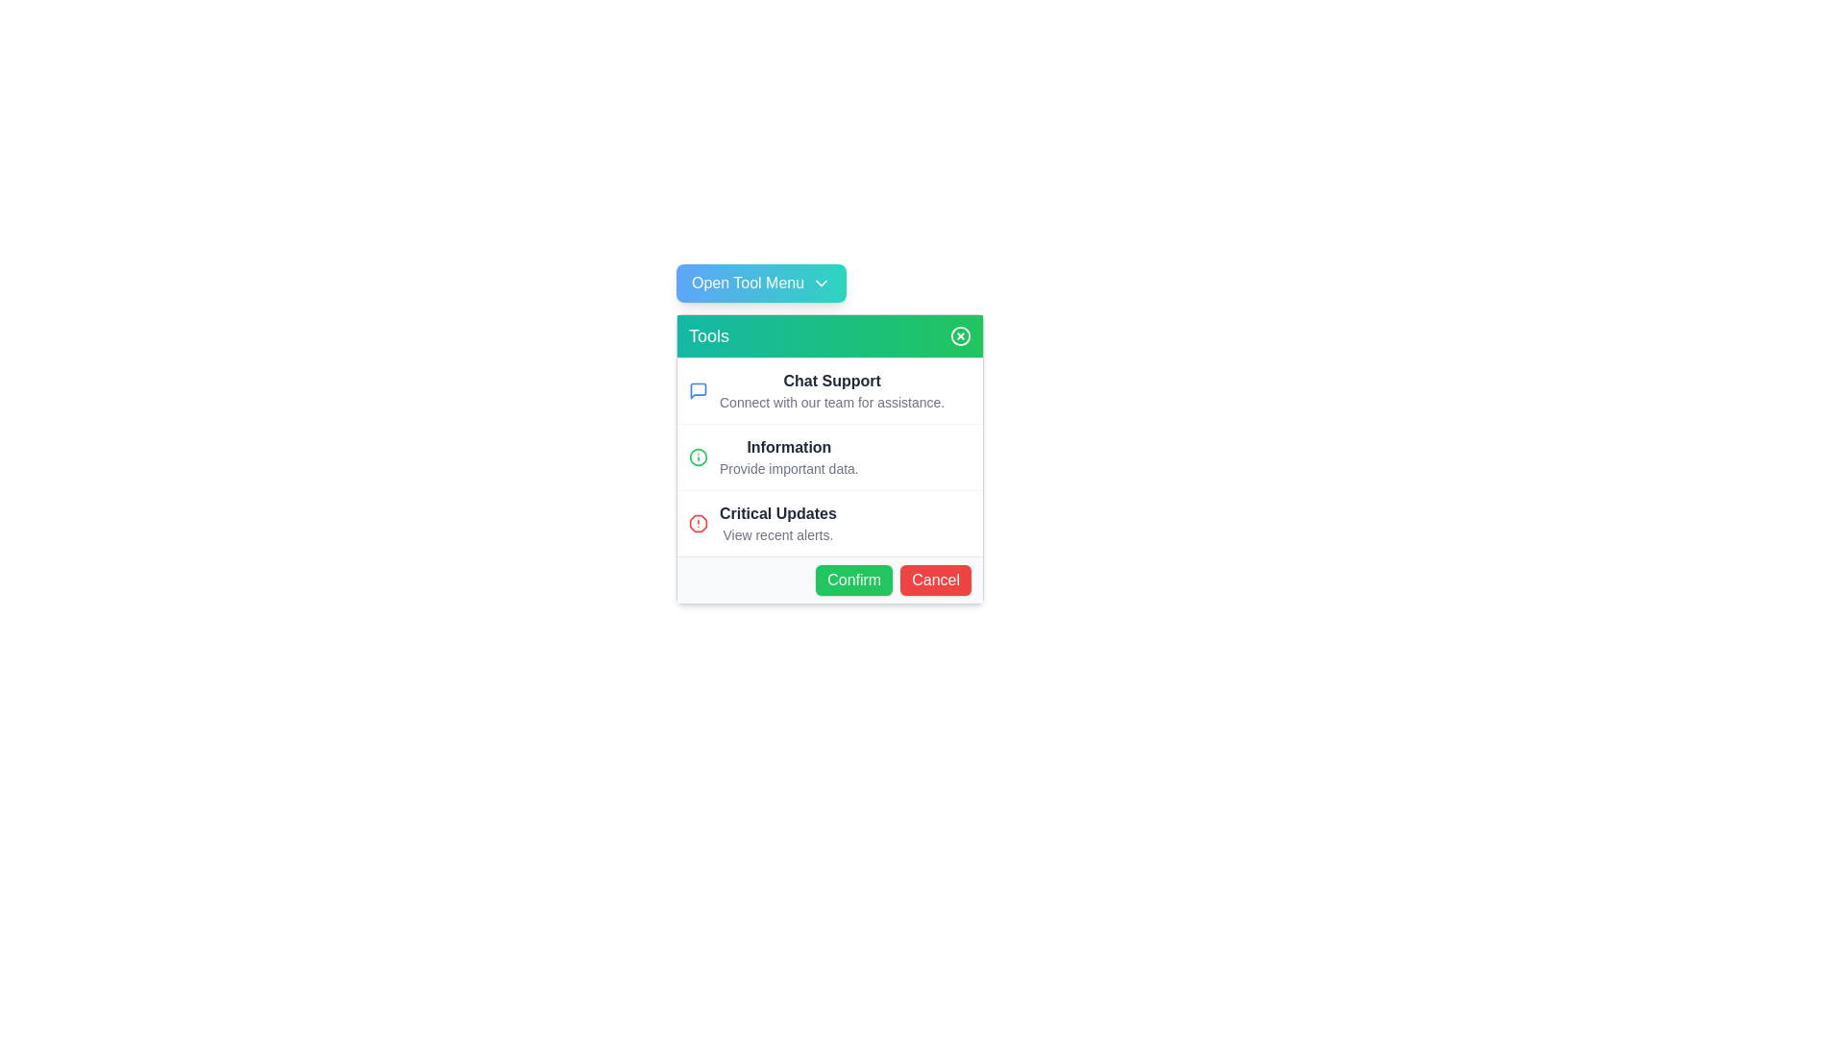  What do you see at coordinates (960, 335) in the screenshot?
I see `the close icon located at the top-right corner of the 'Tools' header` at bounding box center [960, 335].